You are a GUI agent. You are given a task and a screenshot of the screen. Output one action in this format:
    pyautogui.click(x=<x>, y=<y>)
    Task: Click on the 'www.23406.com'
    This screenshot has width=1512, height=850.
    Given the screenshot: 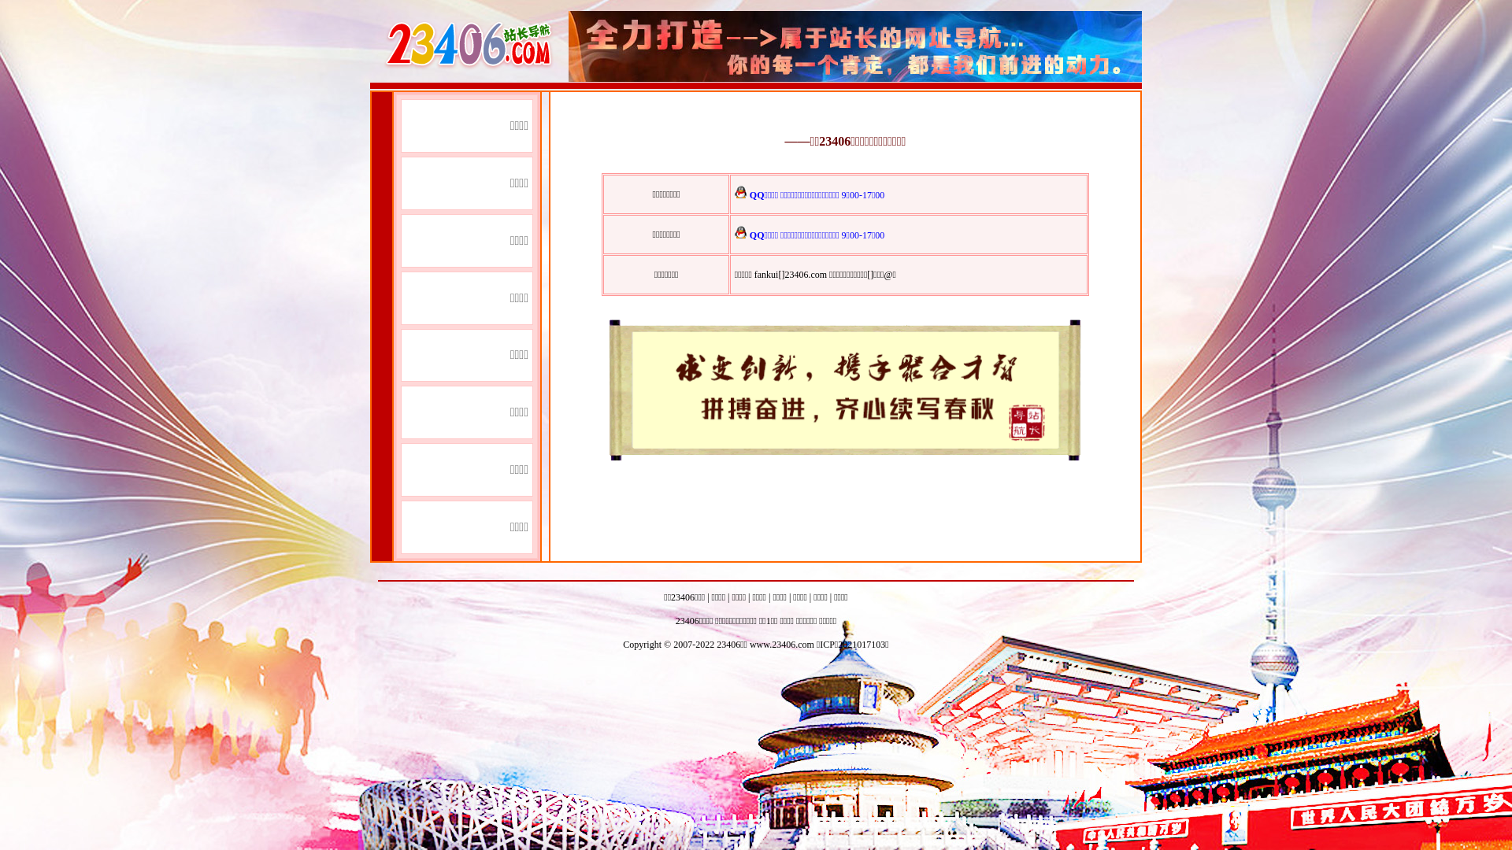 What is the action you would take?
    pyautogui.click(x=782, y=644)
    